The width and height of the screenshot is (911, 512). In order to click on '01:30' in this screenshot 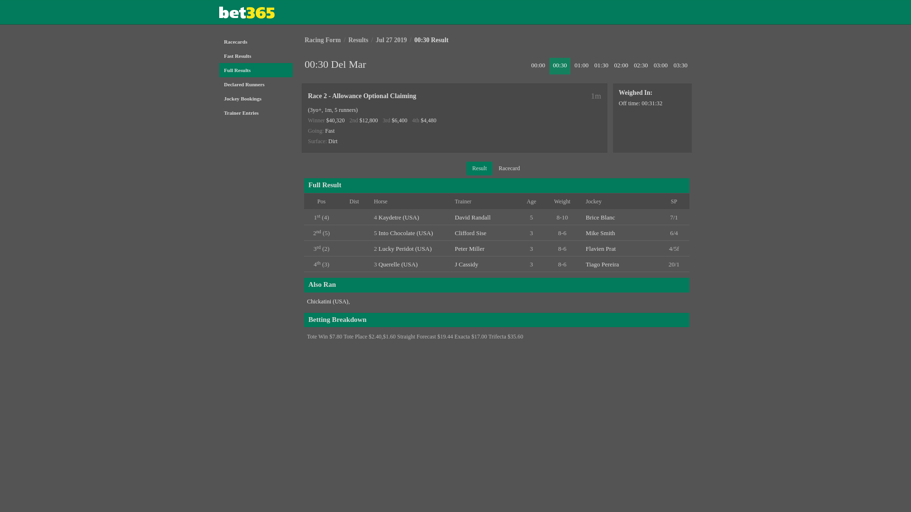, I will do `click(592, 66)`.